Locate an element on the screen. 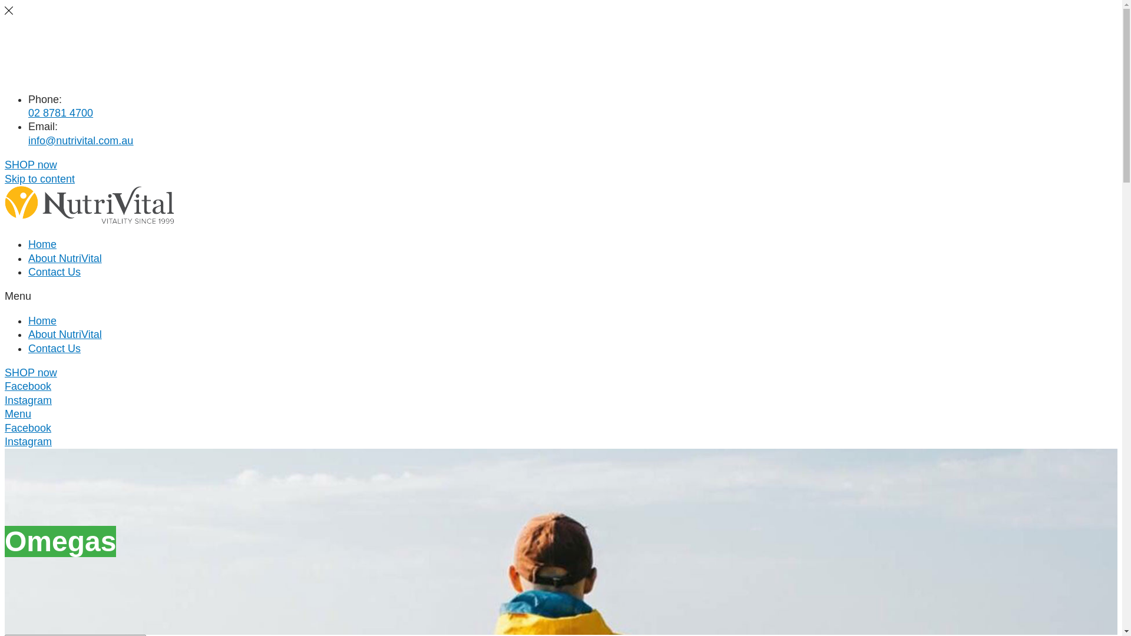 Image resolution: width=1131 pixels, height=636 pixels. 'About NutriVital' is located at coordinates (64, 258).